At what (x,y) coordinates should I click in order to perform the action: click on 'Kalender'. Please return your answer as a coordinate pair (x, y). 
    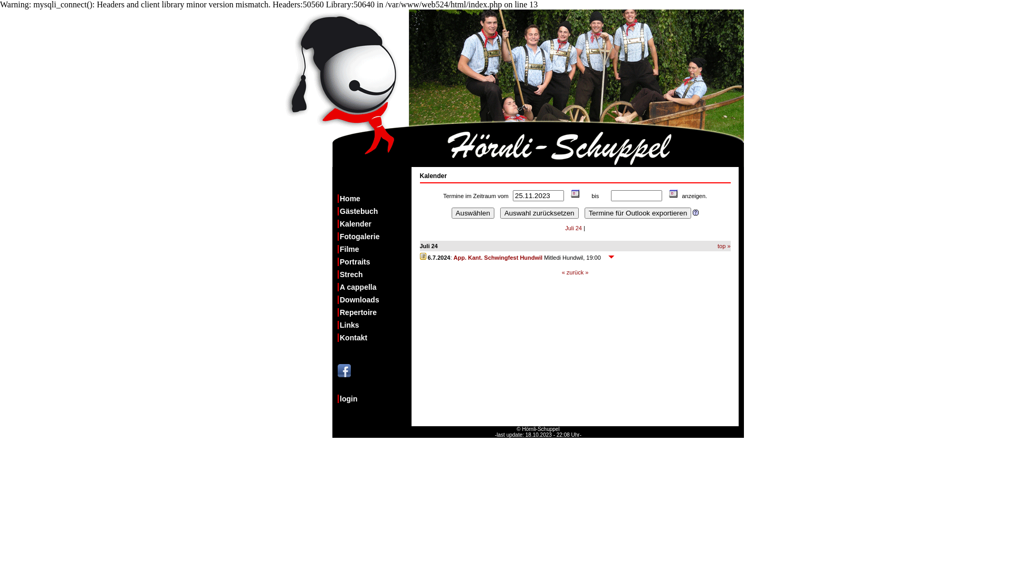
    Looking at the image, I should click on (670, 195).